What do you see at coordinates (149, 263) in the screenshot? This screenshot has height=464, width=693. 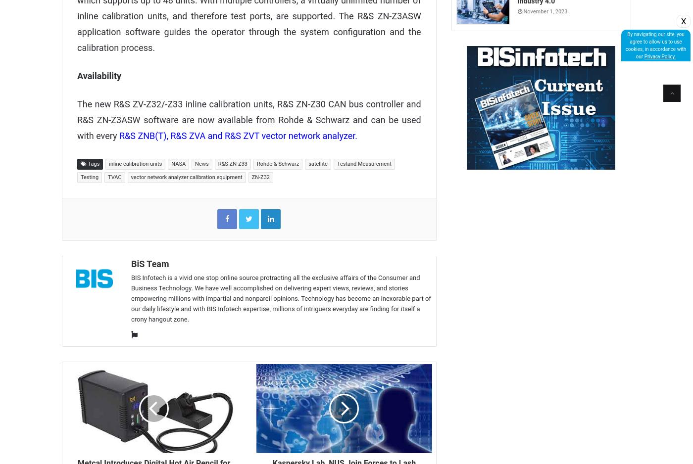 I see `'BiS Team'` at bounding box center [149, 263].